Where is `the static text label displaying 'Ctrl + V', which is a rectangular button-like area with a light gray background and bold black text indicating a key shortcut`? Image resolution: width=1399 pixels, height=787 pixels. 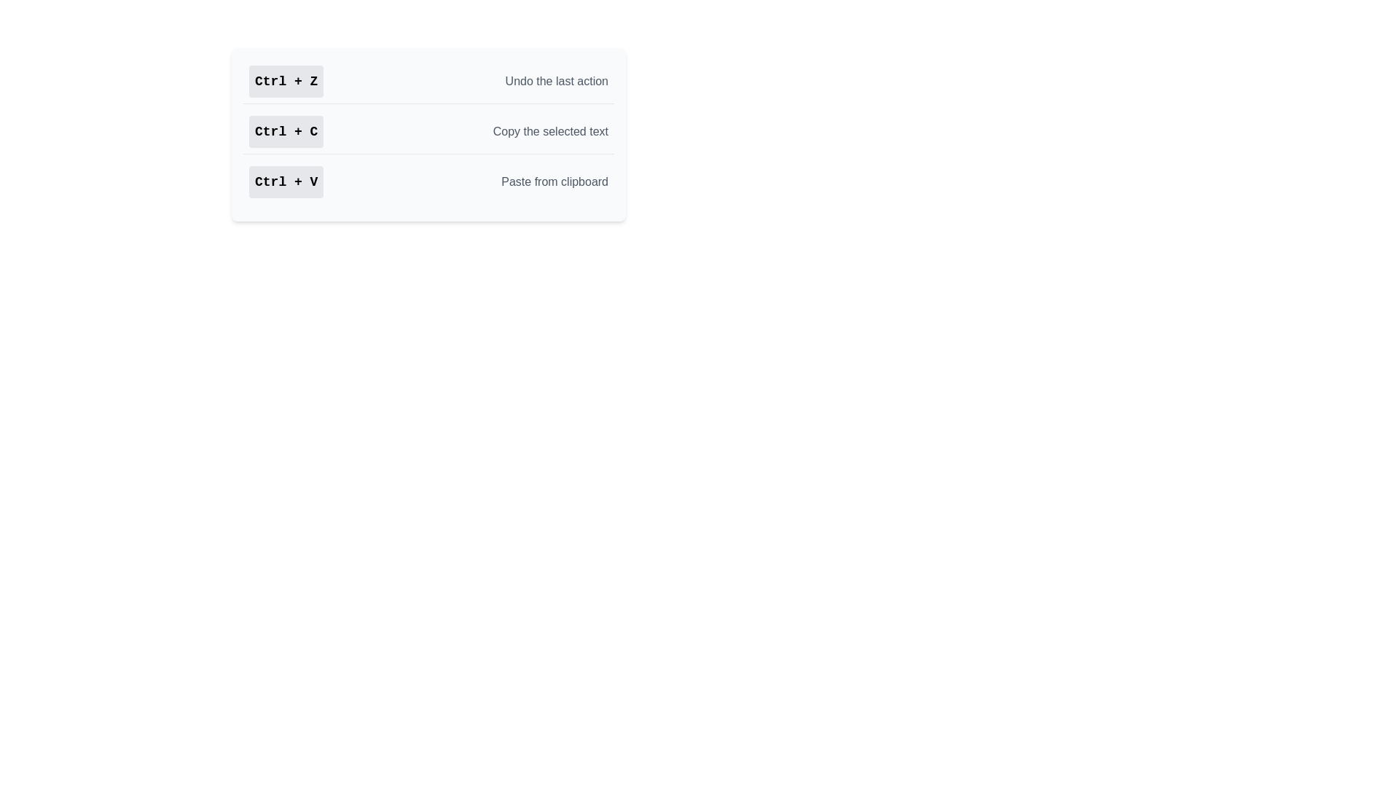
the static text label displaying 'Ctrl + V', which is a rectangular button-like area with a light gray background and bold black text indicating a key shortcut is located at coordinates (286, 181).